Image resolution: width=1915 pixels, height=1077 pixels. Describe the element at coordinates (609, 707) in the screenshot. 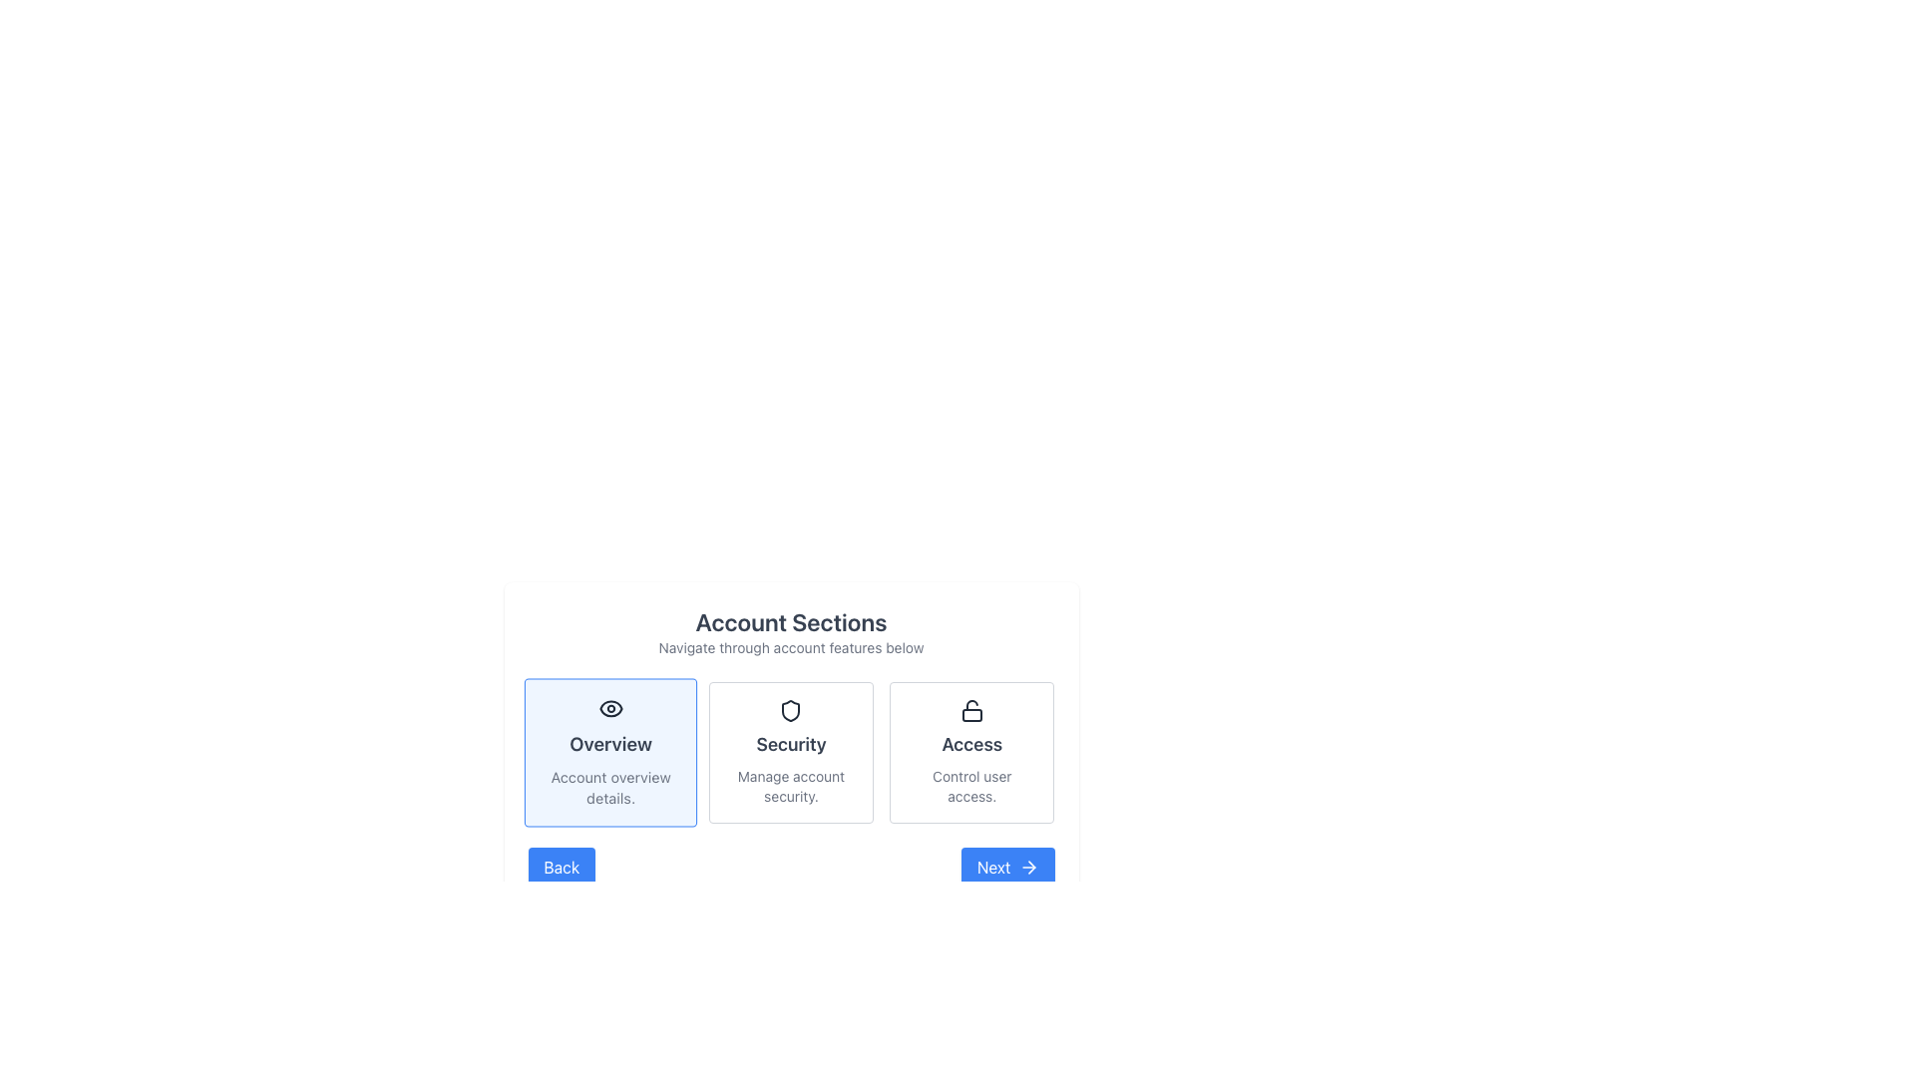

I see `the icon located at the top center of the Overview section, which serves as a decorative representation emphasizing visibility or examination` at that location.